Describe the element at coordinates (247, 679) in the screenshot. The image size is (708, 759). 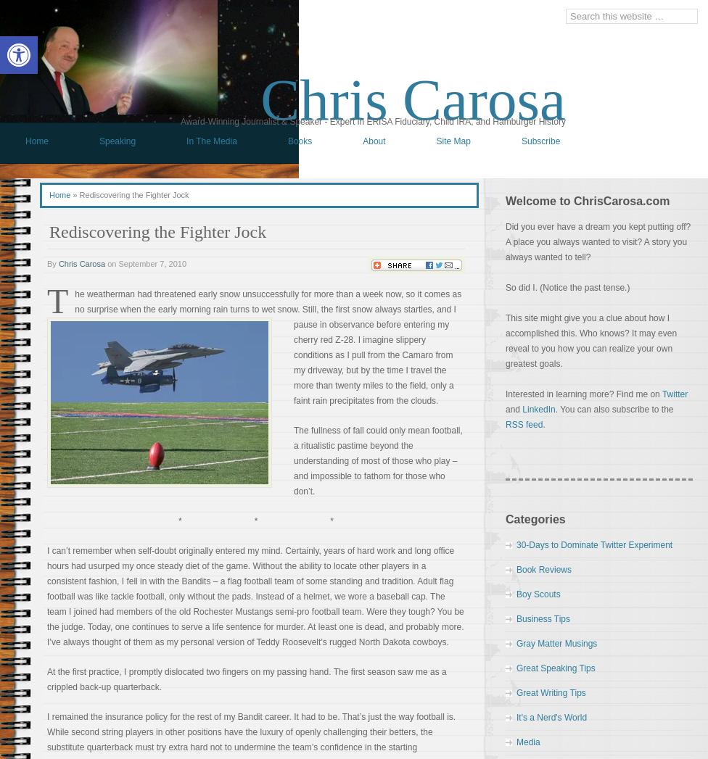
I see `'At the first practice, I promptly dislocated two fingers on my passing hand. The first season saw me as a crippled back-up quarterback.'` at that location.